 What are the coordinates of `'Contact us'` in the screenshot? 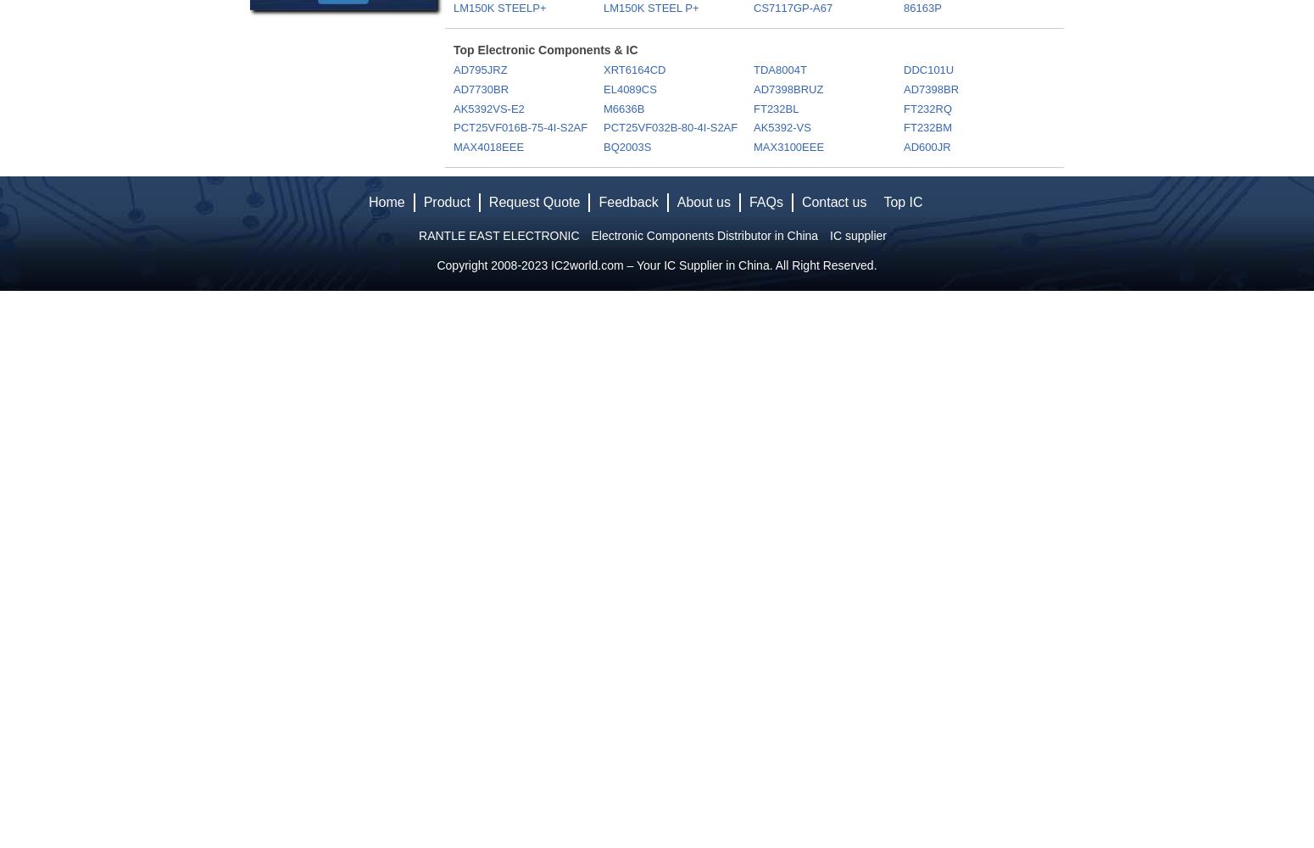 It's located at (800, 201).